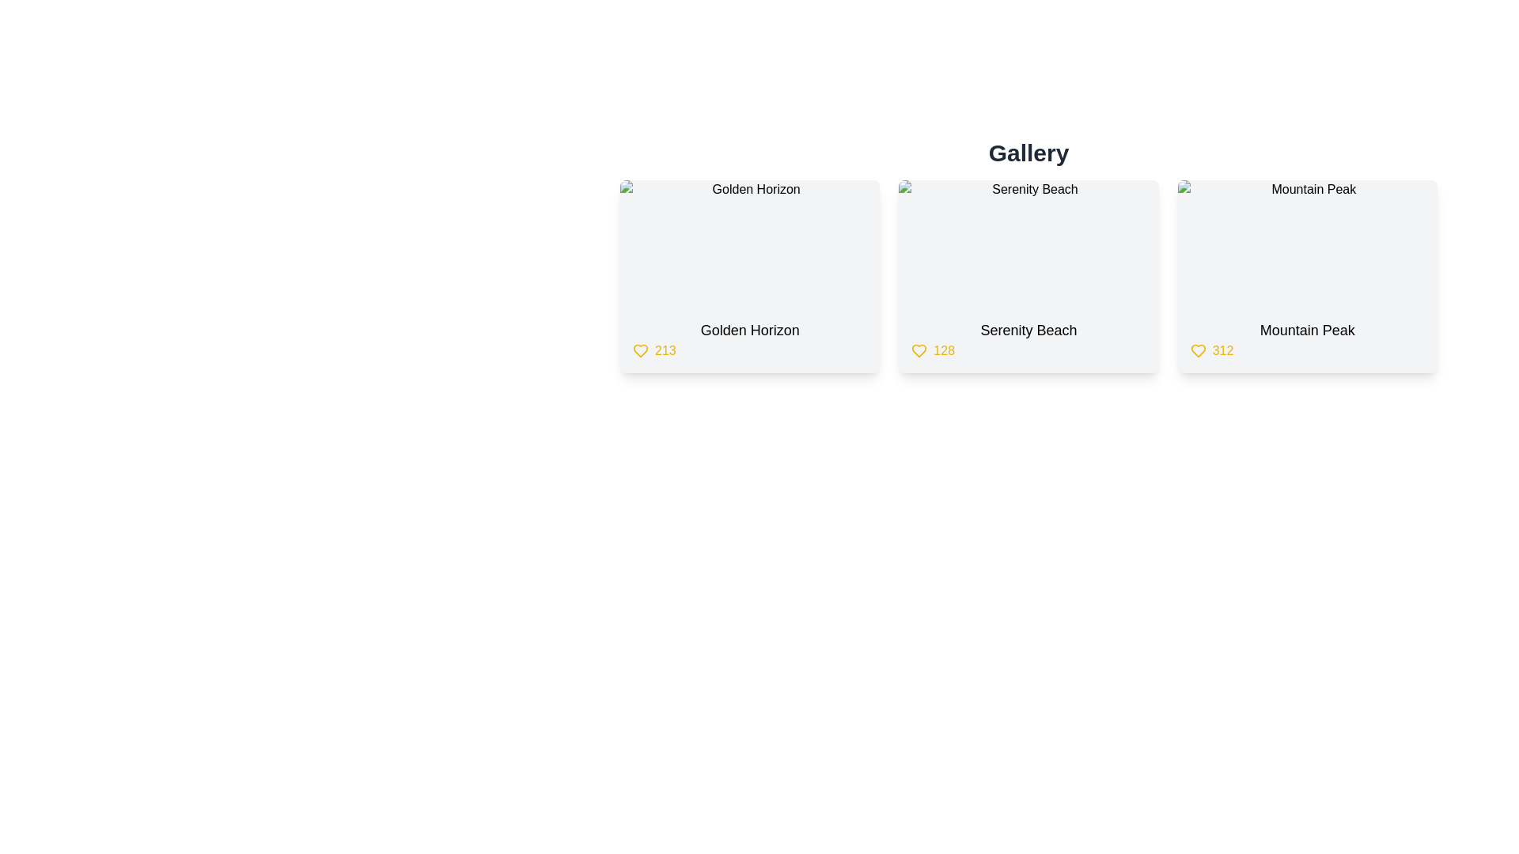  I want to click on the numeric text element displaying '312' styled in yellow, located next to a heart icon at the bottom-left corner of the 'Mountain Peak' card, so click(1222, 350).